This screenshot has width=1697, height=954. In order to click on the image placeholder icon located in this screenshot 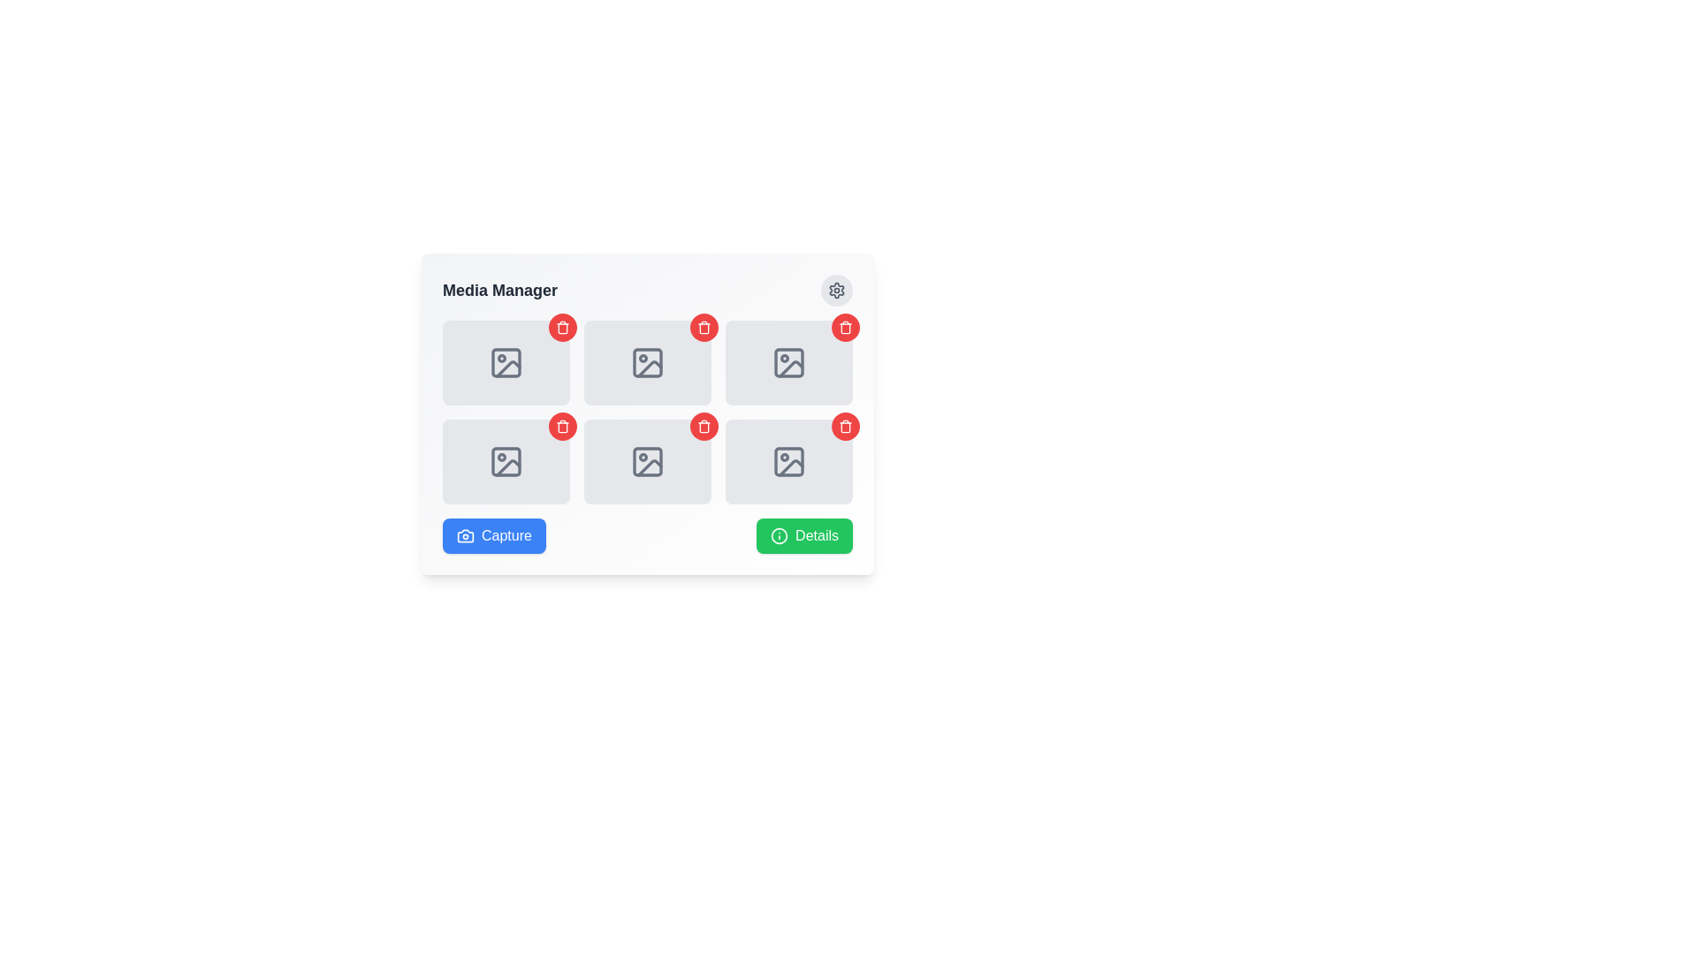, I will do `click(647, 362)`.